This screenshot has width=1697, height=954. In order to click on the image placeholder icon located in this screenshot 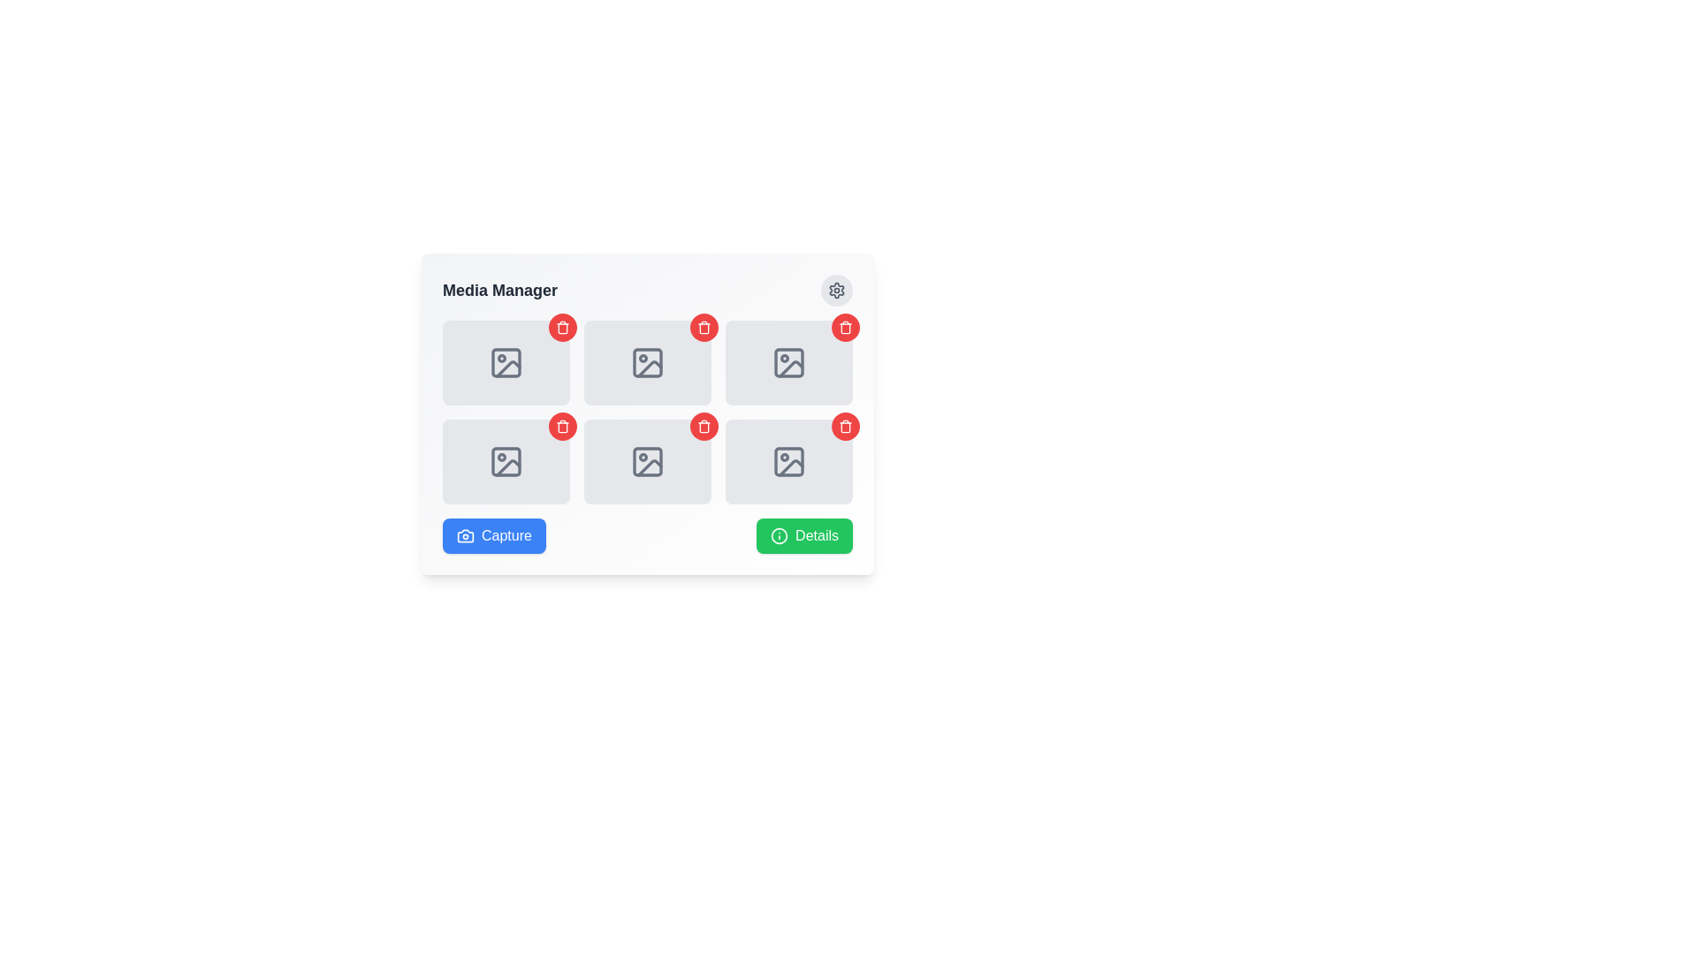, I will do `click(647, 362)`.